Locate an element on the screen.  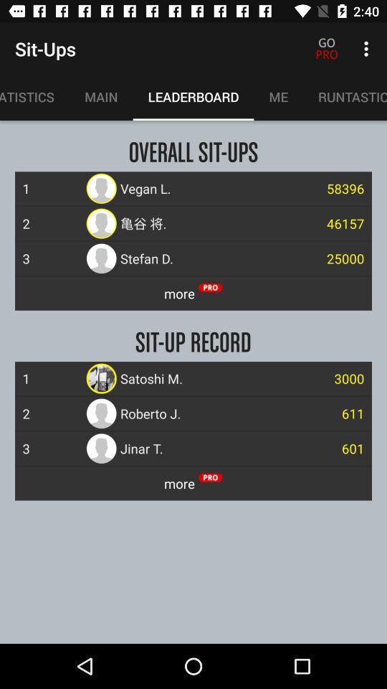
item below the sit-ups app is located at coordinates (100, 96).